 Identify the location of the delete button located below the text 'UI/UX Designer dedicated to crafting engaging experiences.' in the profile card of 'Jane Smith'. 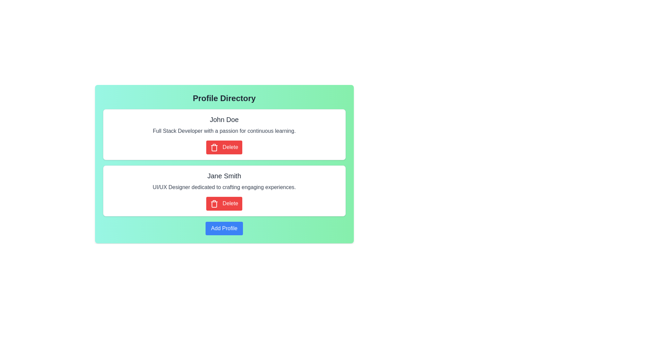
(224, 203).